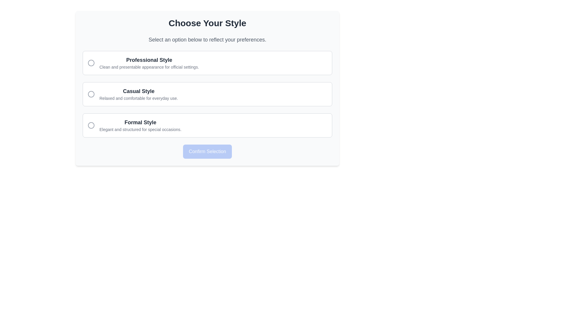  I want to click on the text label 'Professional Style', which is styled in bold dark gray and serves as the header of the first option in a vertical list of selectable styles, so click(149, 60).